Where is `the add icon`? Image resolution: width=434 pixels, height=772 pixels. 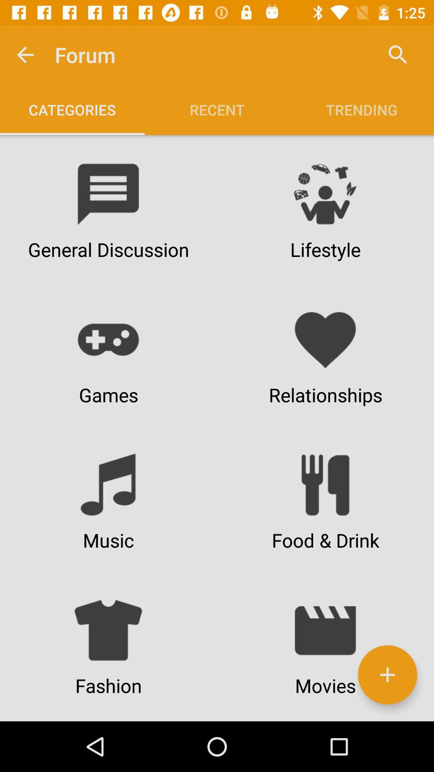 the add icon is located at coordinates (387, 675).